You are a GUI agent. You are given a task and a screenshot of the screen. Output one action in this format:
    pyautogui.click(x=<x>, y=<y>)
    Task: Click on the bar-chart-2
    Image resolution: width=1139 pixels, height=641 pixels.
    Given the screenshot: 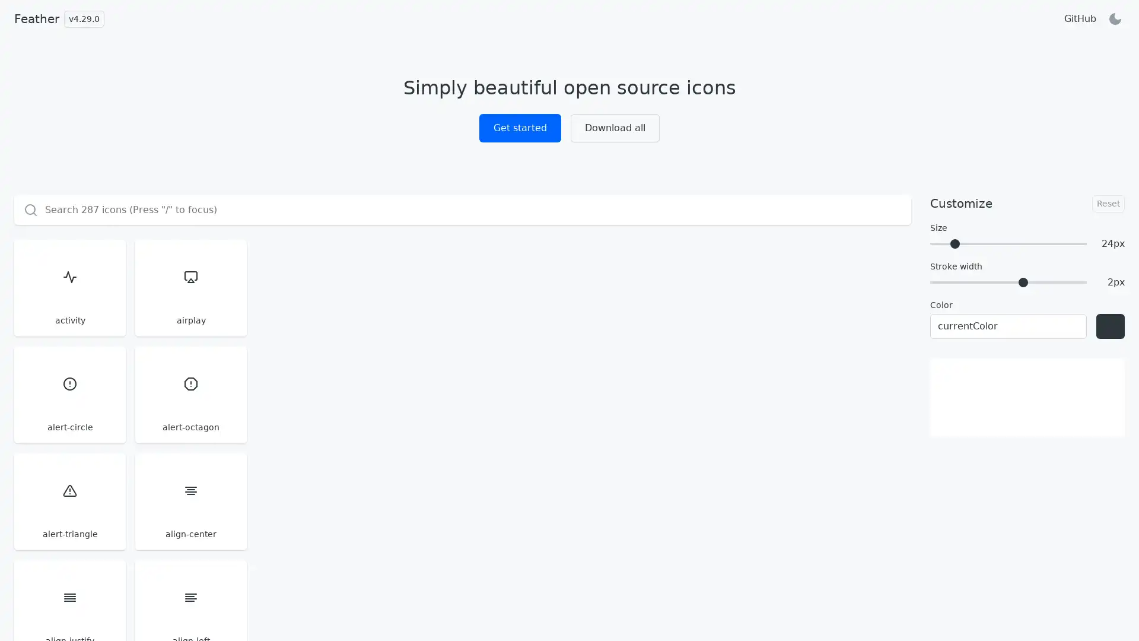 What is the action you would take?
    pyautogui.click(x=866, y=501)
    